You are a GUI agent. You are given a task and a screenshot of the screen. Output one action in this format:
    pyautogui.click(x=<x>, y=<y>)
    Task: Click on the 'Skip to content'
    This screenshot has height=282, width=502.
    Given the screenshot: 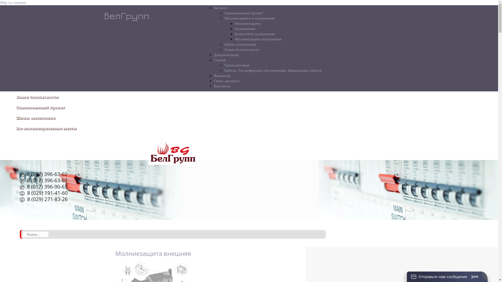 What is the action you would take?
    pyautogui.click(x=0, y=2)
    